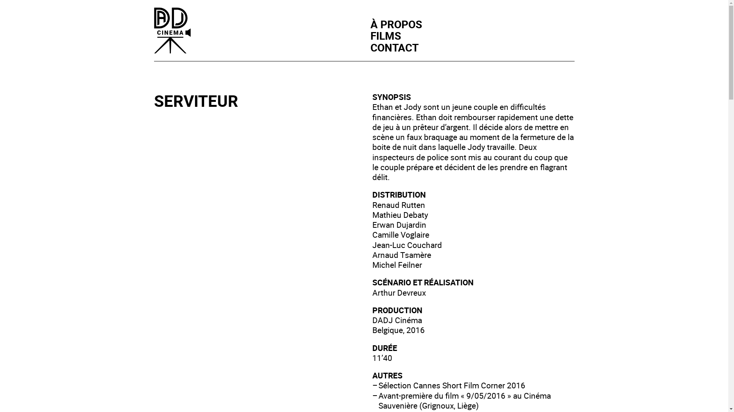 The width and height of the screenshot is (734, 412). I want to click on 'FILMS', so click(385, 35).